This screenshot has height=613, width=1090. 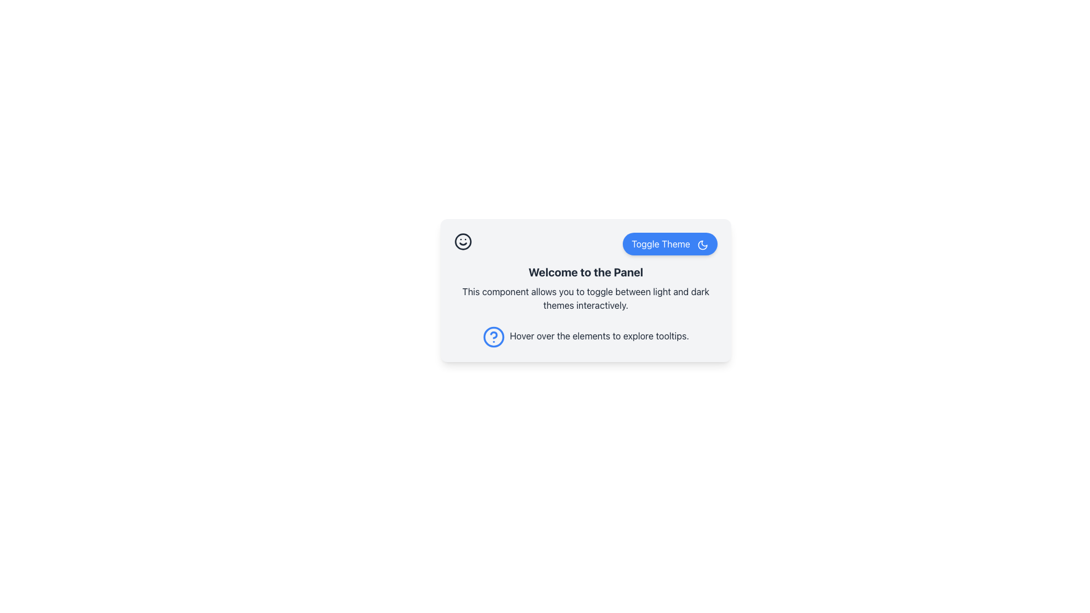 What do you see at coordinates (463, 241) in the screenshot?
I see `the circular smiling face icon located in the top-left corner of the card component, which is characterized by two small dots for eyes and a curved line for a mouth` at bounding box center [463, 241].